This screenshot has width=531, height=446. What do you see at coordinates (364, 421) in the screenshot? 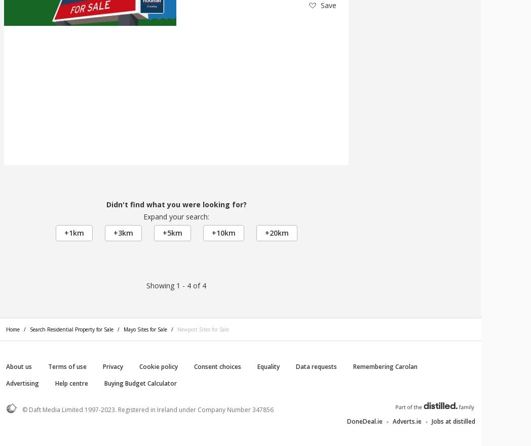
I see `'DoneDeal.ie'` at bounding box center [364, 421].